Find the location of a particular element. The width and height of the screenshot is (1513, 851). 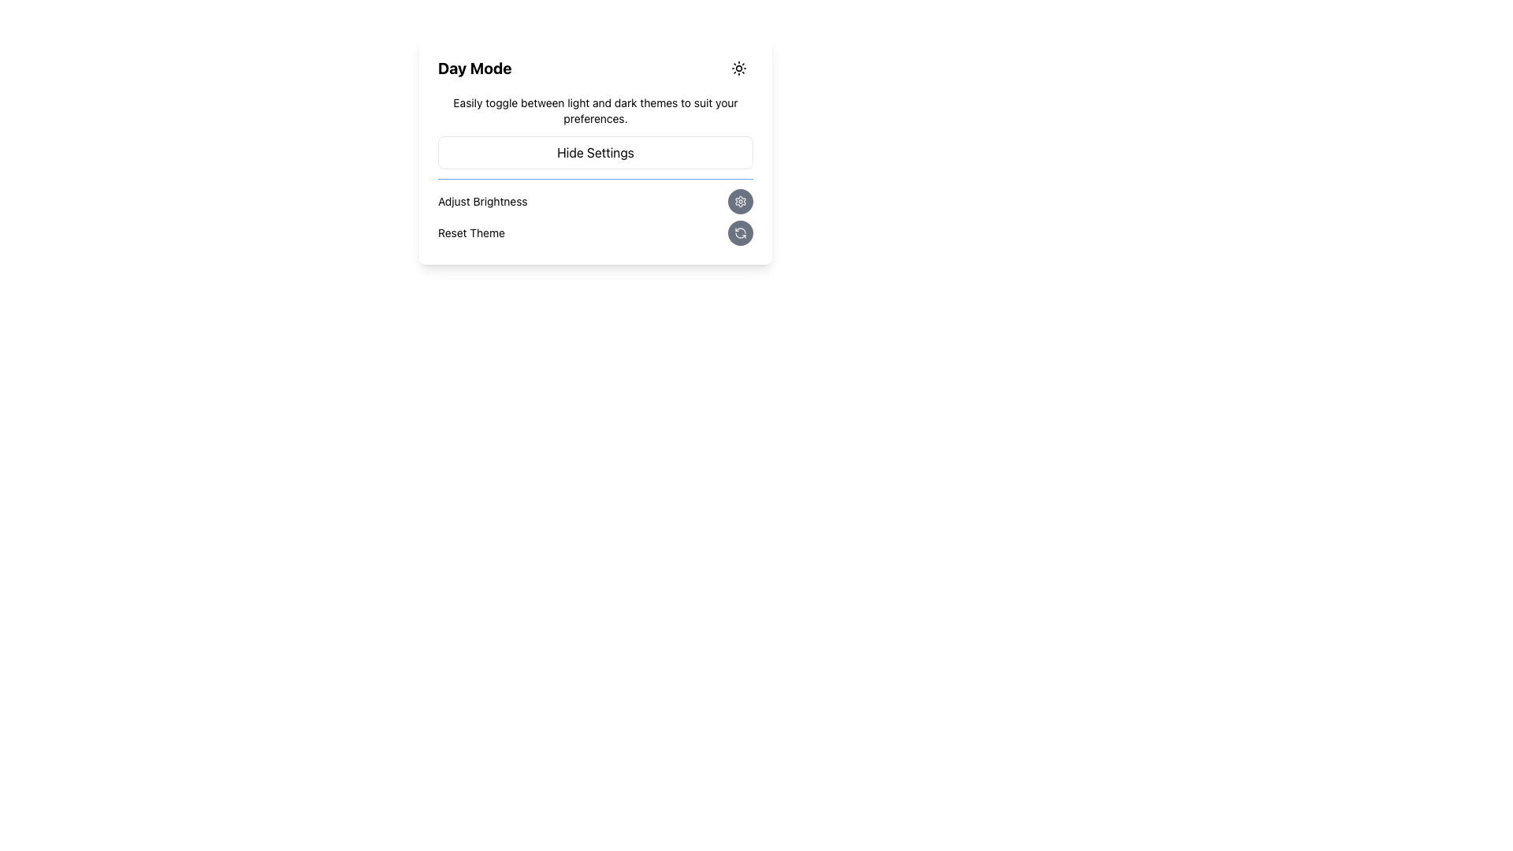

the reset action icon located within a circular button at the bottom right corner of the settings section is located at coordinates (740, 233).